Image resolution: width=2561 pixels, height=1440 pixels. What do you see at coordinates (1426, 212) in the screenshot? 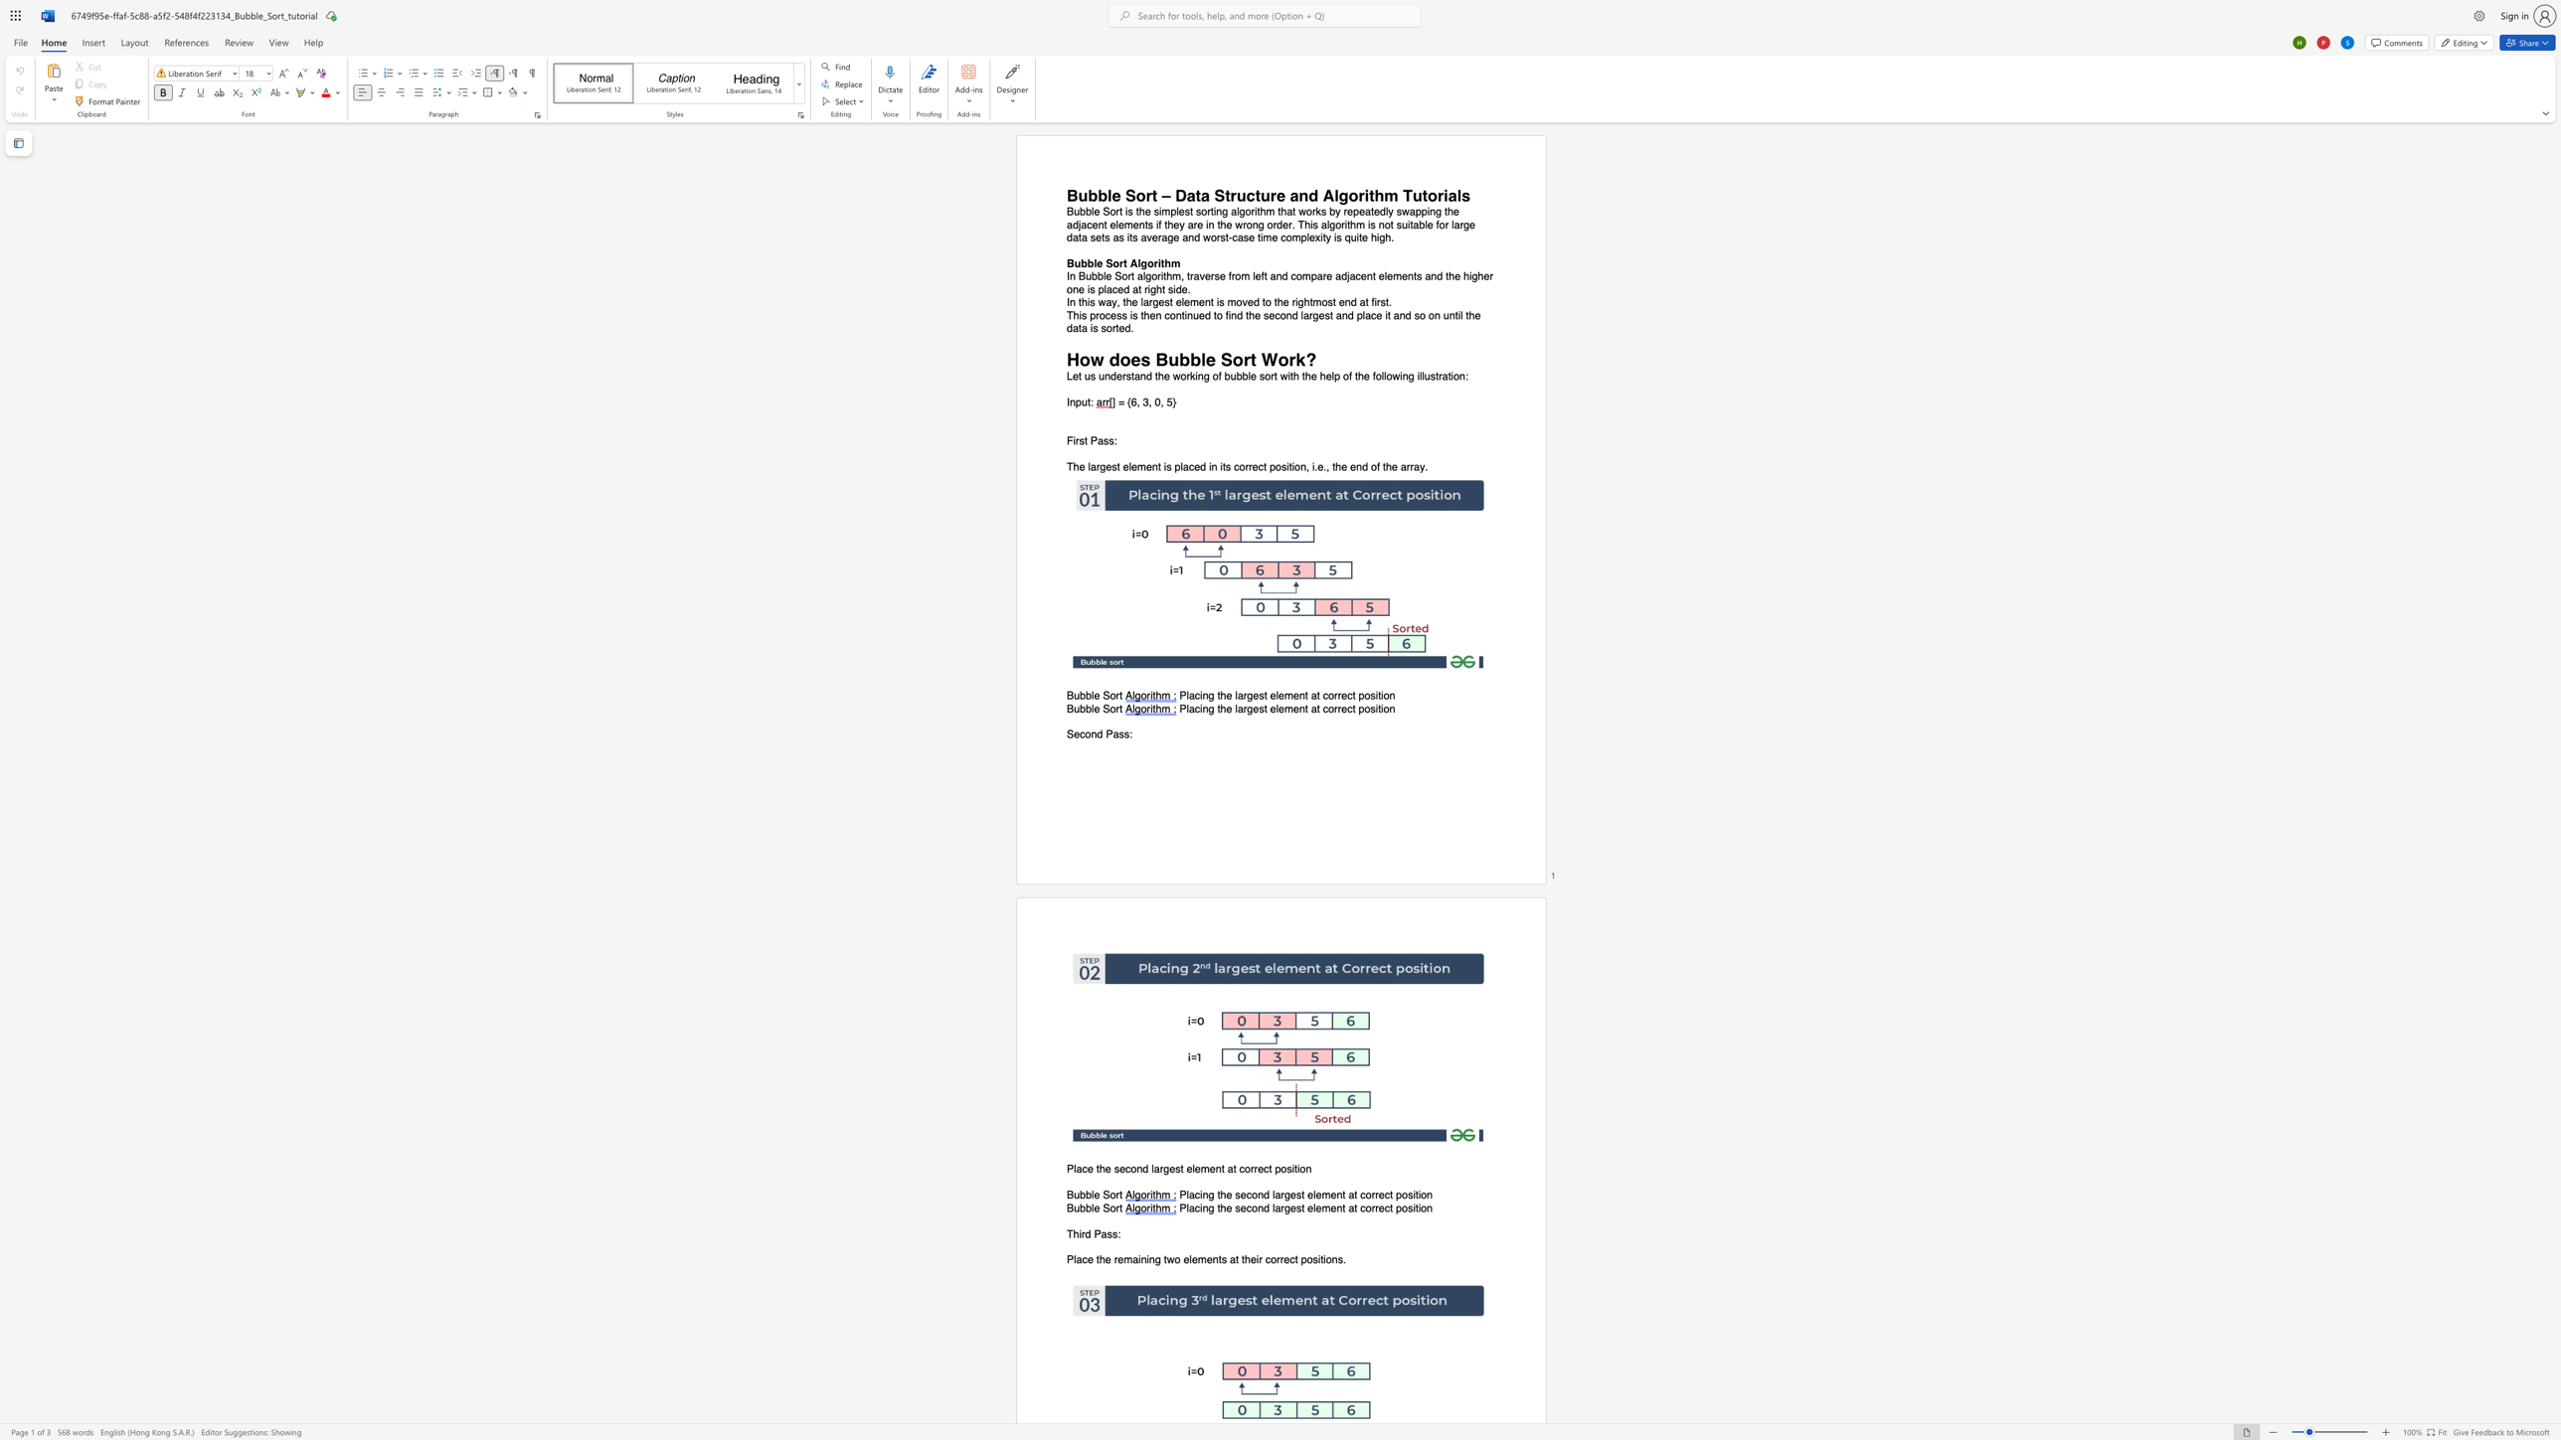
I see `the space between the continuous character "p" and "i" in the text` at bounding box center [1426, 212].